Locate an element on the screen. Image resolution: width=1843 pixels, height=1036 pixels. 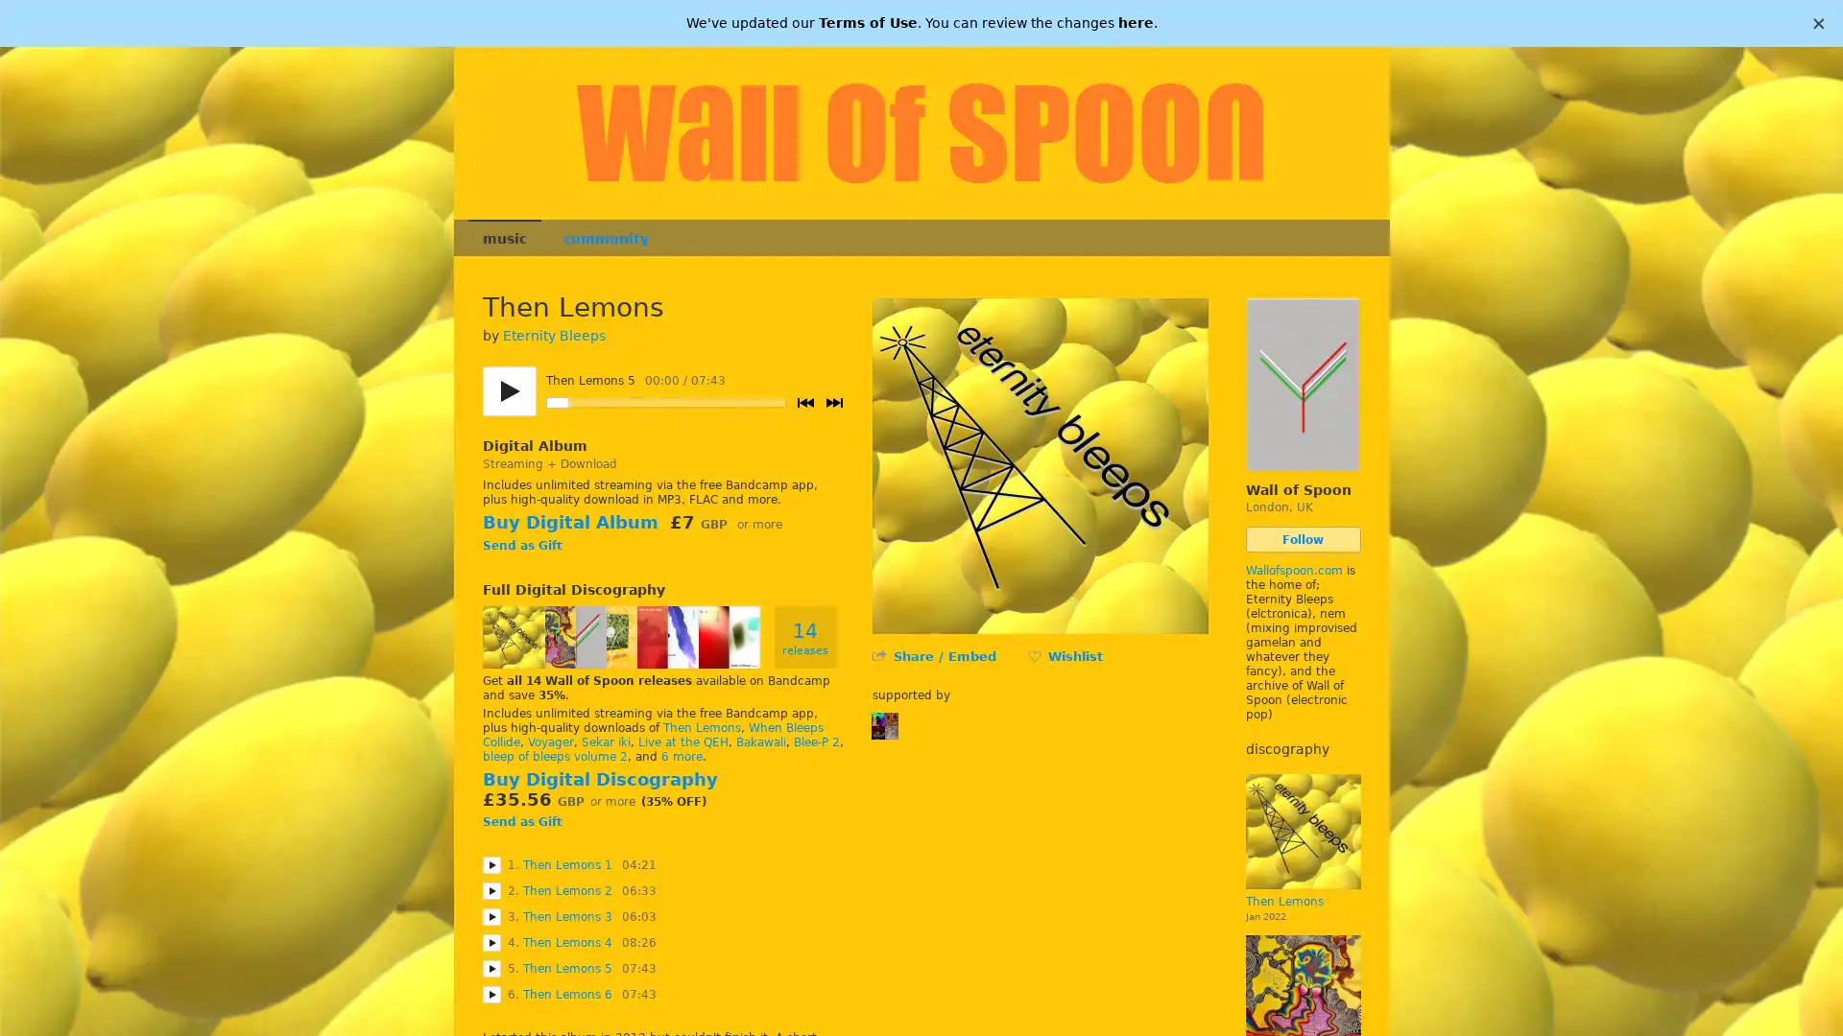
Send as Gift is located at coordinates (521, 820).